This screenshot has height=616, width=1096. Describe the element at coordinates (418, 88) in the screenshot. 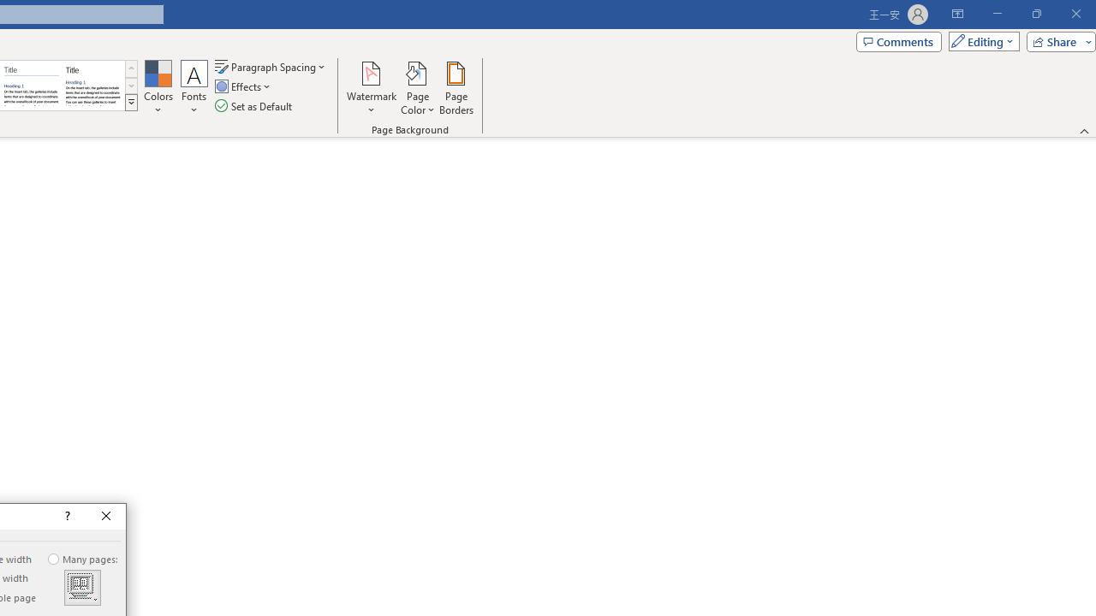

I see `'Page Color'` at that location.